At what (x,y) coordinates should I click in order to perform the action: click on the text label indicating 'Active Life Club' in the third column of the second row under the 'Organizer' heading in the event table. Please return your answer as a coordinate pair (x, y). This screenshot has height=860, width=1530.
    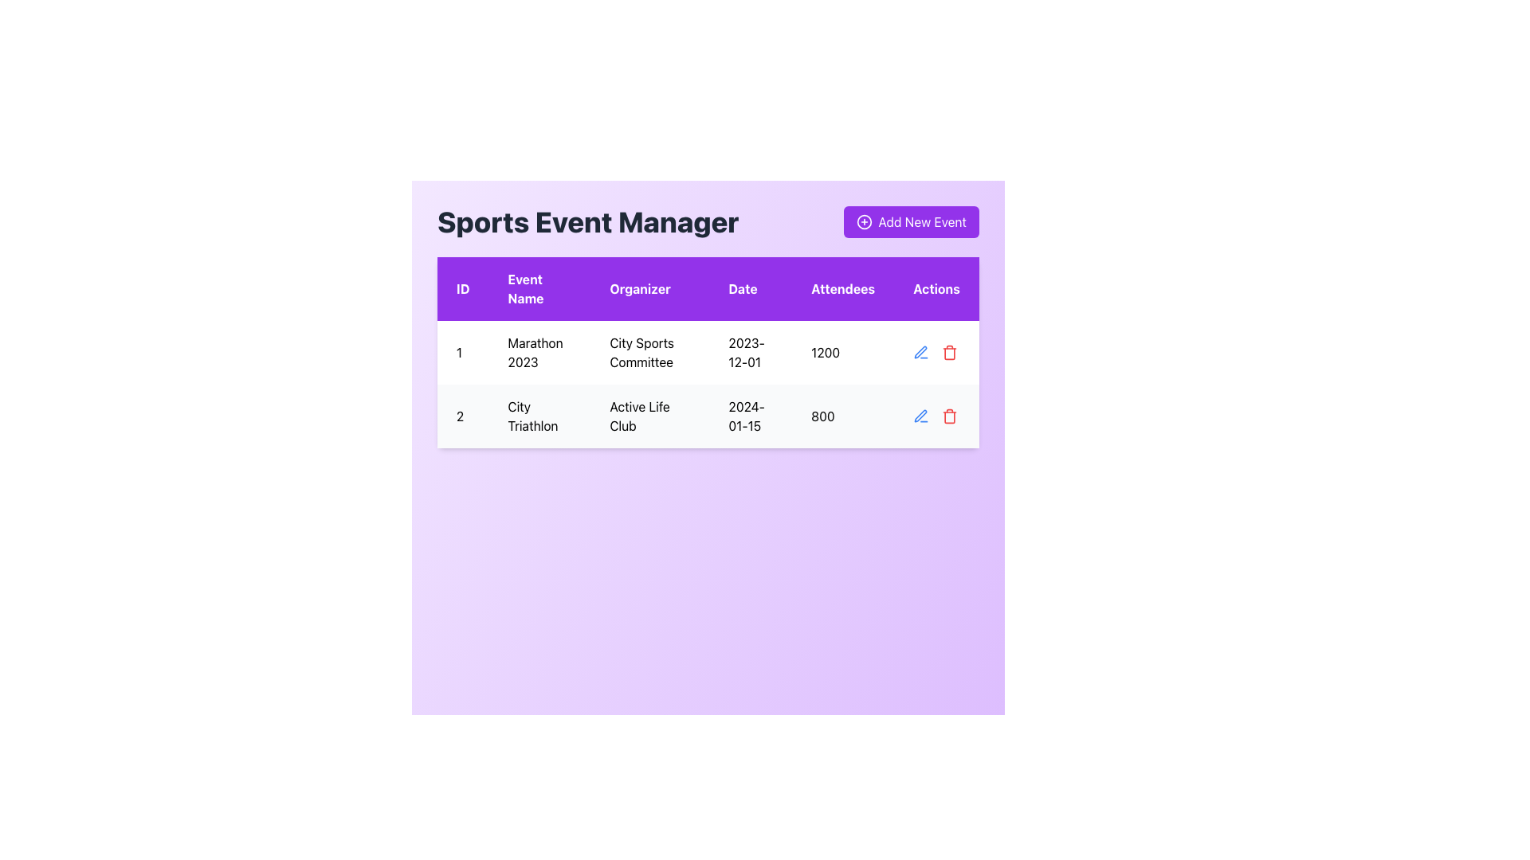
    Looking at the image, I should click on (650, 416).